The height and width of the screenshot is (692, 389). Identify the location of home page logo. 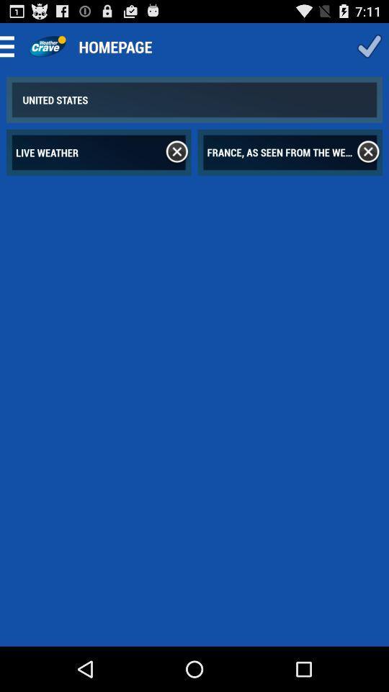
(47, 46).